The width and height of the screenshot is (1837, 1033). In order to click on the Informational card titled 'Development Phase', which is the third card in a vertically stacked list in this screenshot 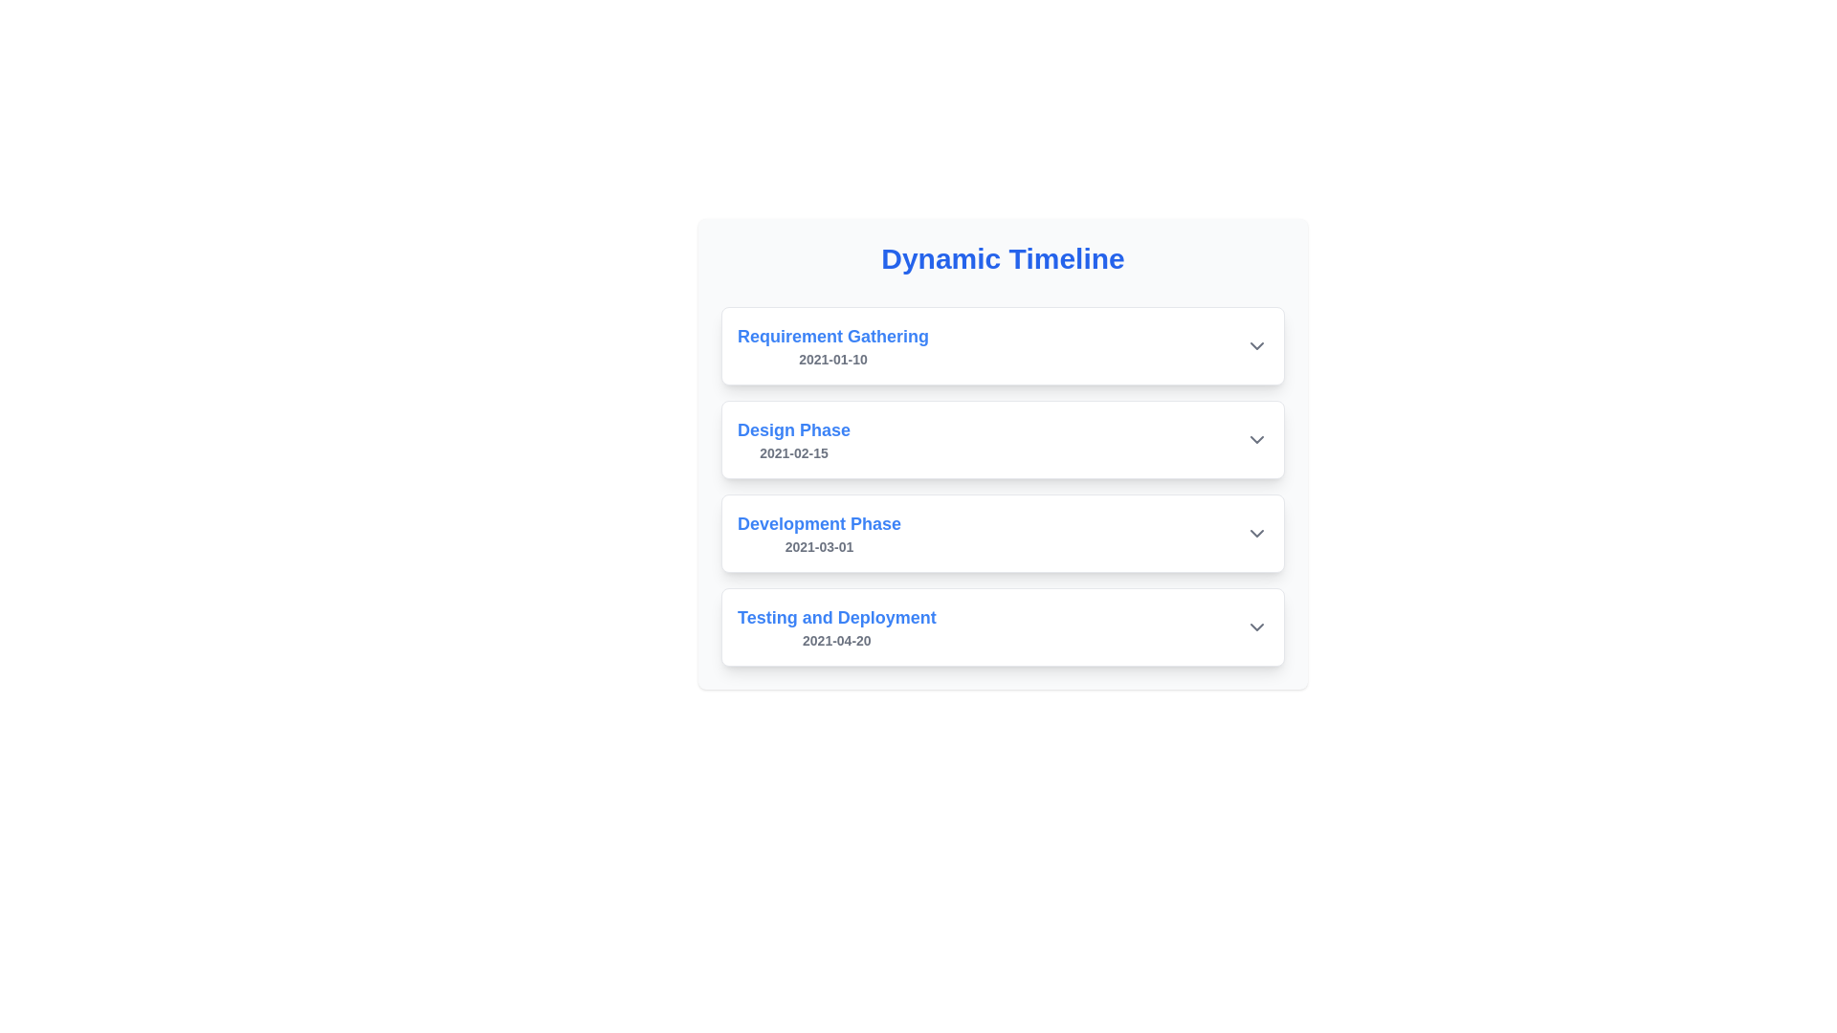, I will do `click(1002, 534)`.